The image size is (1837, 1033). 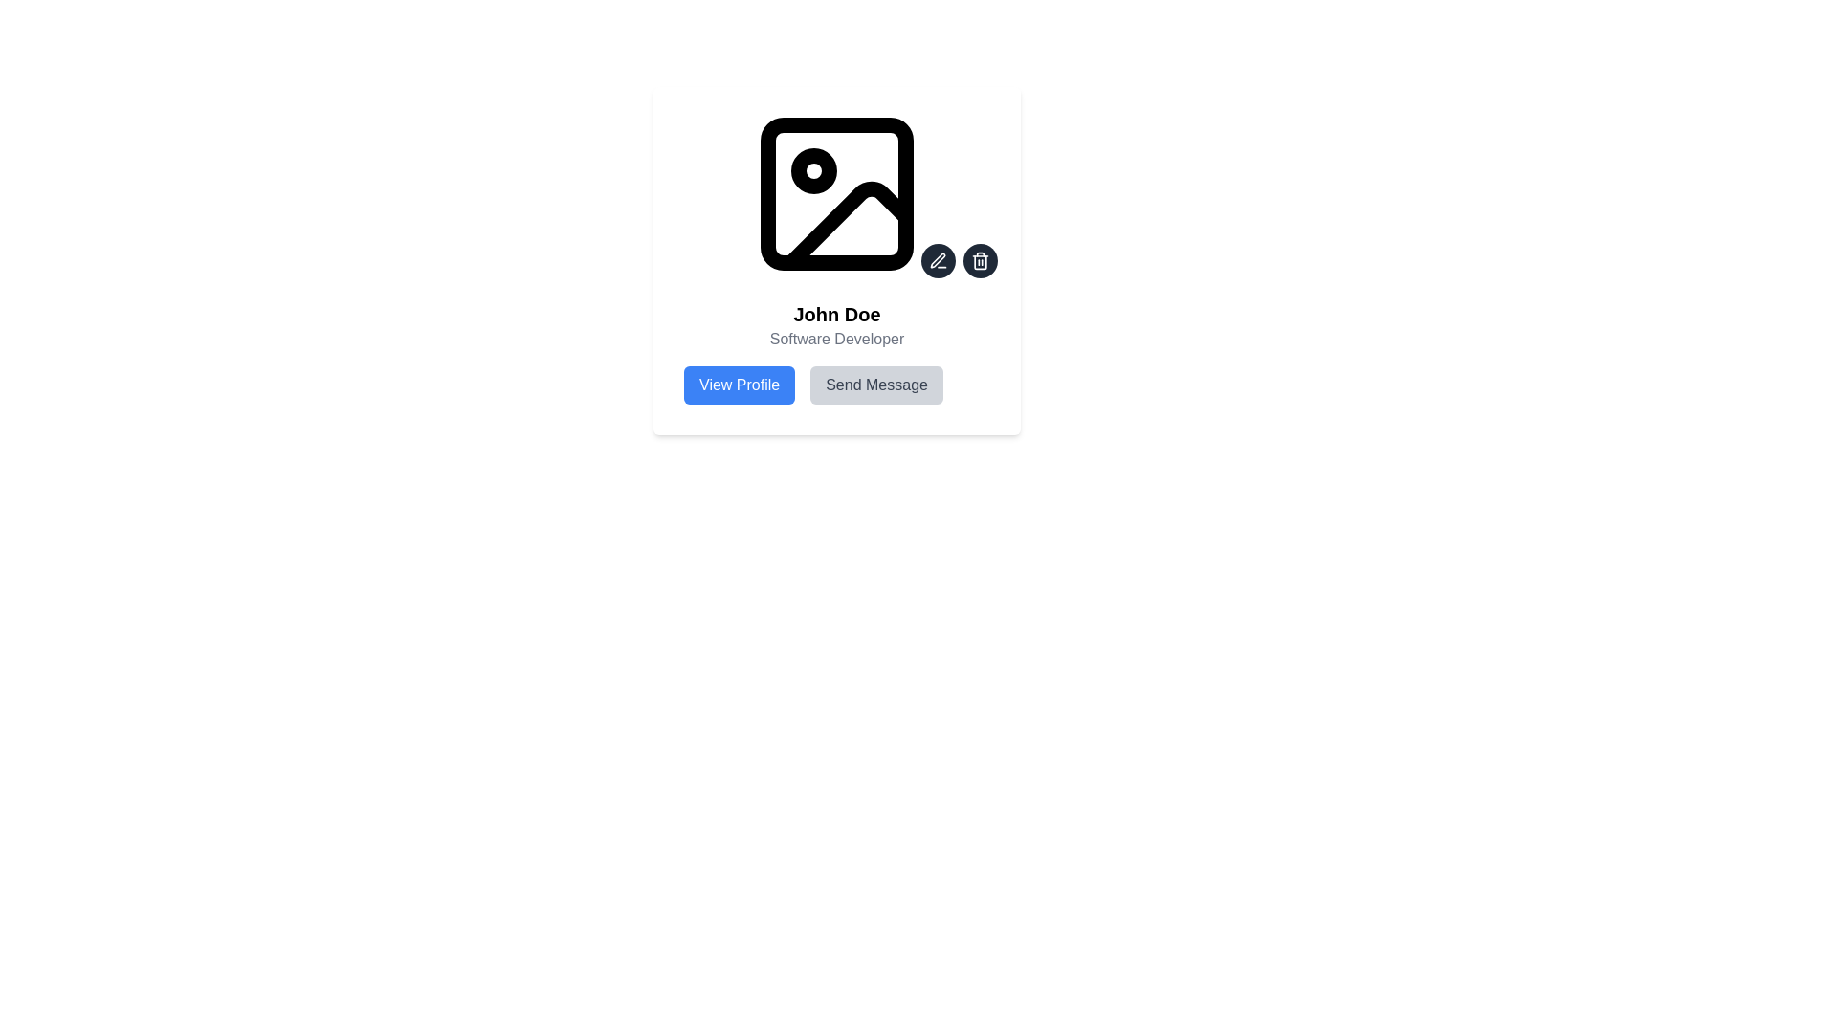 What do you see at coordinates (938, 260) in the screenshot?
I see `the edit button icon located in the top-right corner of the user card` at bounding box center [938, 260].